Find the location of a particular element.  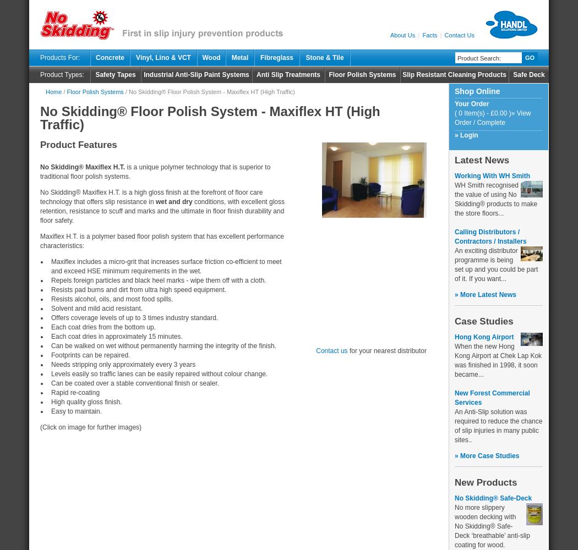

'No Skidding® Maxiflex H.T. is a high gloss finish at the forefront of floor care technology that offers slip resistance in' is located at coordinates (39, 196).